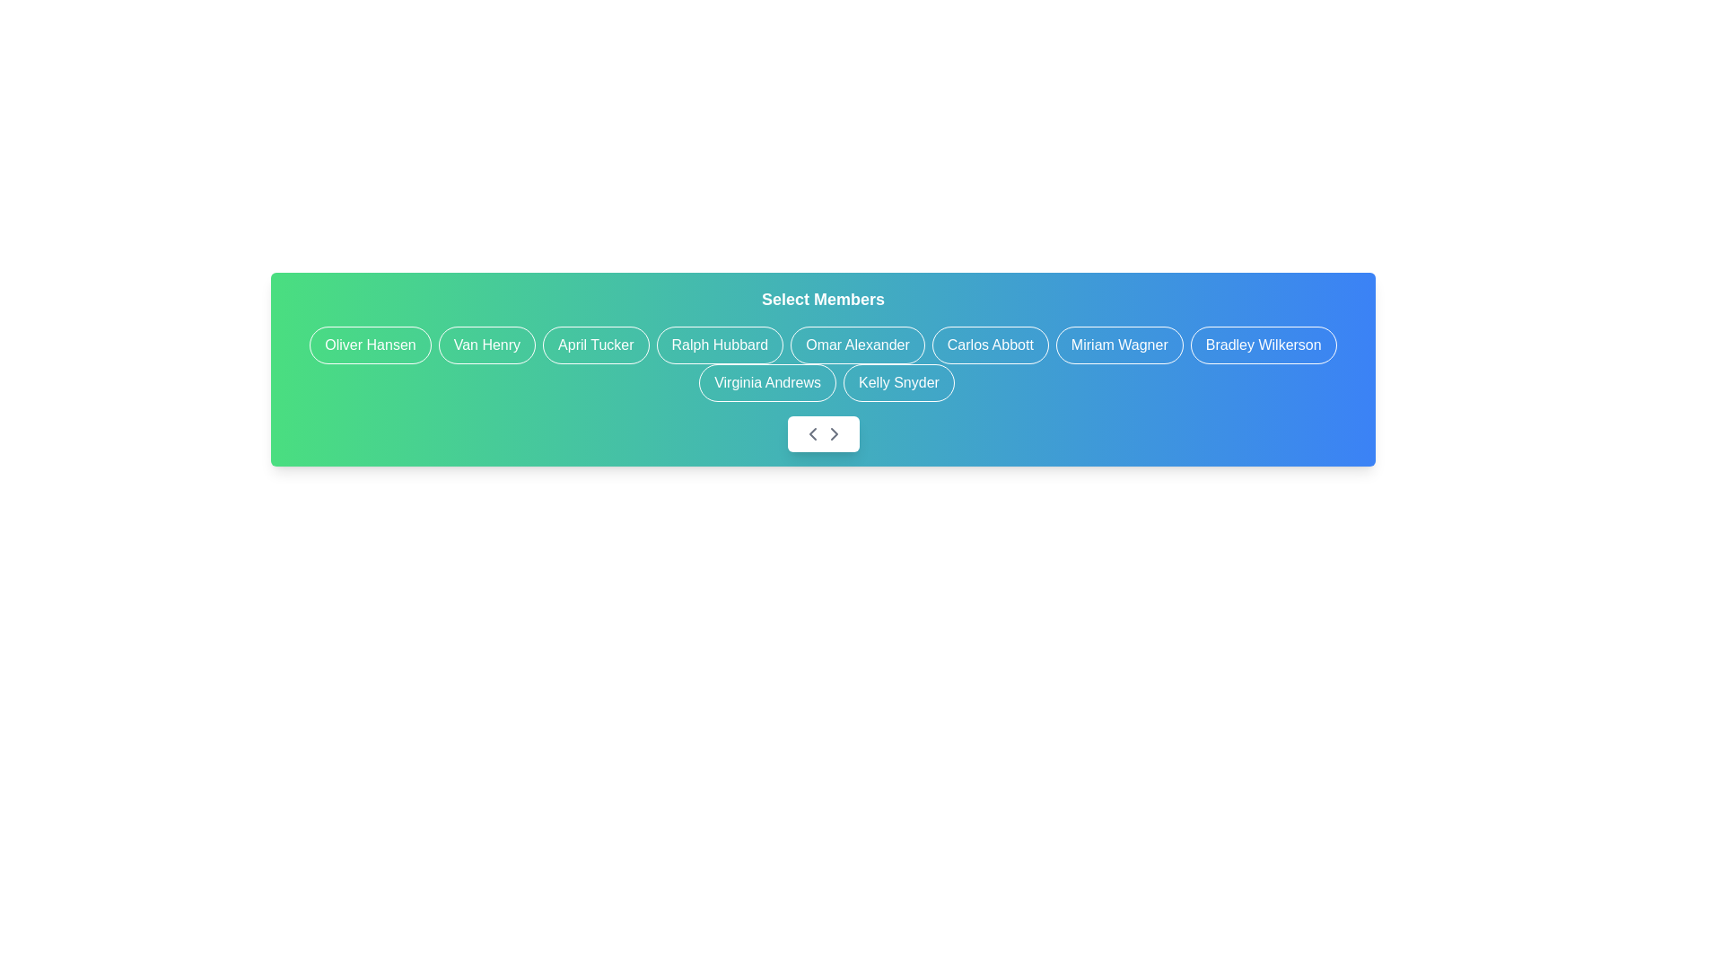 The height and width of the screenshot is (969, 1723). I want to click on the rounded button labeled 'Kelly Snyder' located in the bottom-right of the grid for additional options if enabled, so click(898, 382).